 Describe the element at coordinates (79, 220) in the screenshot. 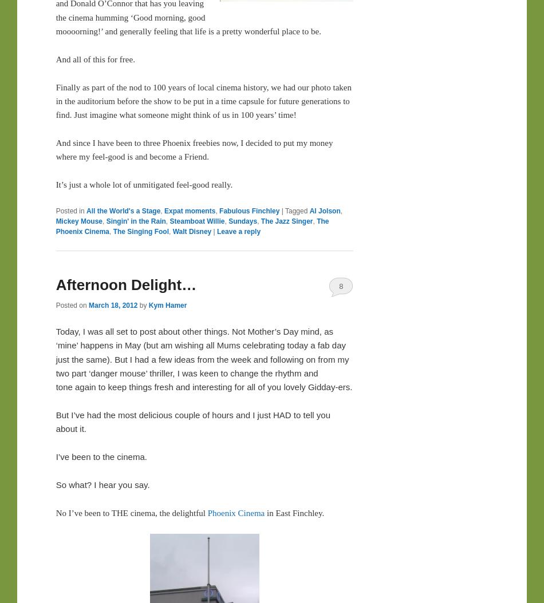

I see `'Mickey Mouse'` at that location.